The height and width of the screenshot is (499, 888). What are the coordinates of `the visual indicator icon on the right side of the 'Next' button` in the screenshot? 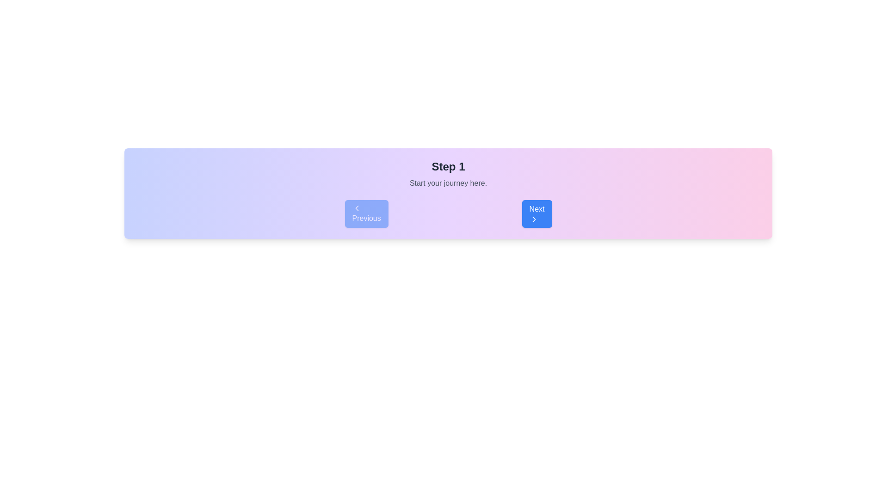 It's located at (534, 219).